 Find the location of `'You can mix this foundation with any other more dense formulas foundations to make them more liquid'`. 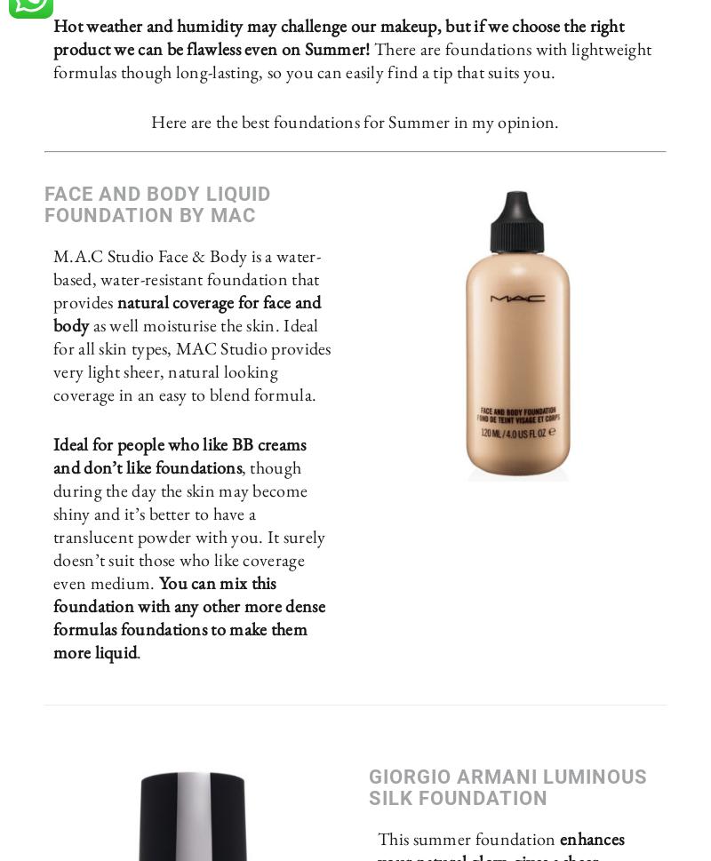

'You can mix this foundation with any other more dense formulas foundations to make them more liquid' is located at coordinates (188, 616).